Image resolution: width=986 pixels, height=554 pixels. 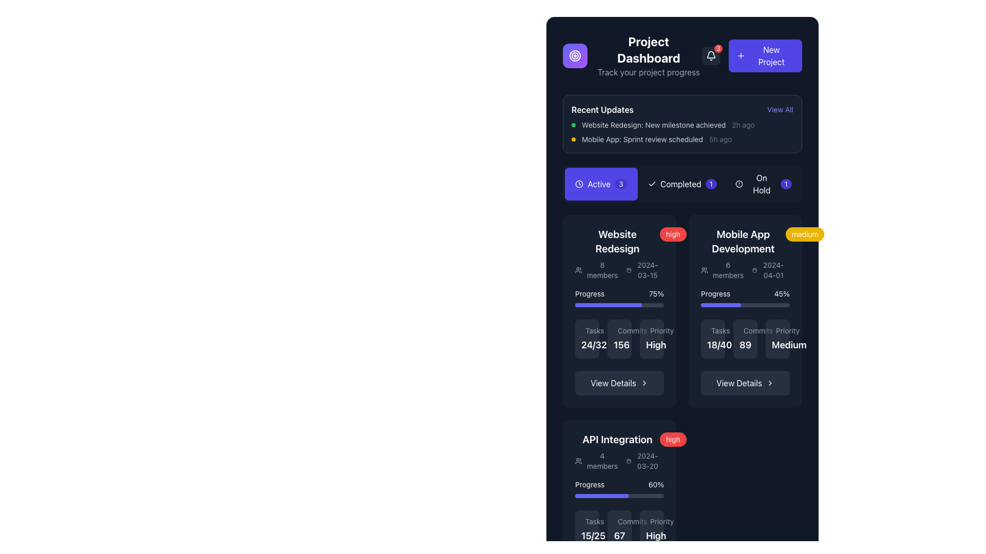 I want to click on the small icon representing a group of users, which is located to the left of the text '6 members' within the 'Mobile App Development' card on the dashboard, specifically in the second row, second column among the cards, so click(x=704, y=270).